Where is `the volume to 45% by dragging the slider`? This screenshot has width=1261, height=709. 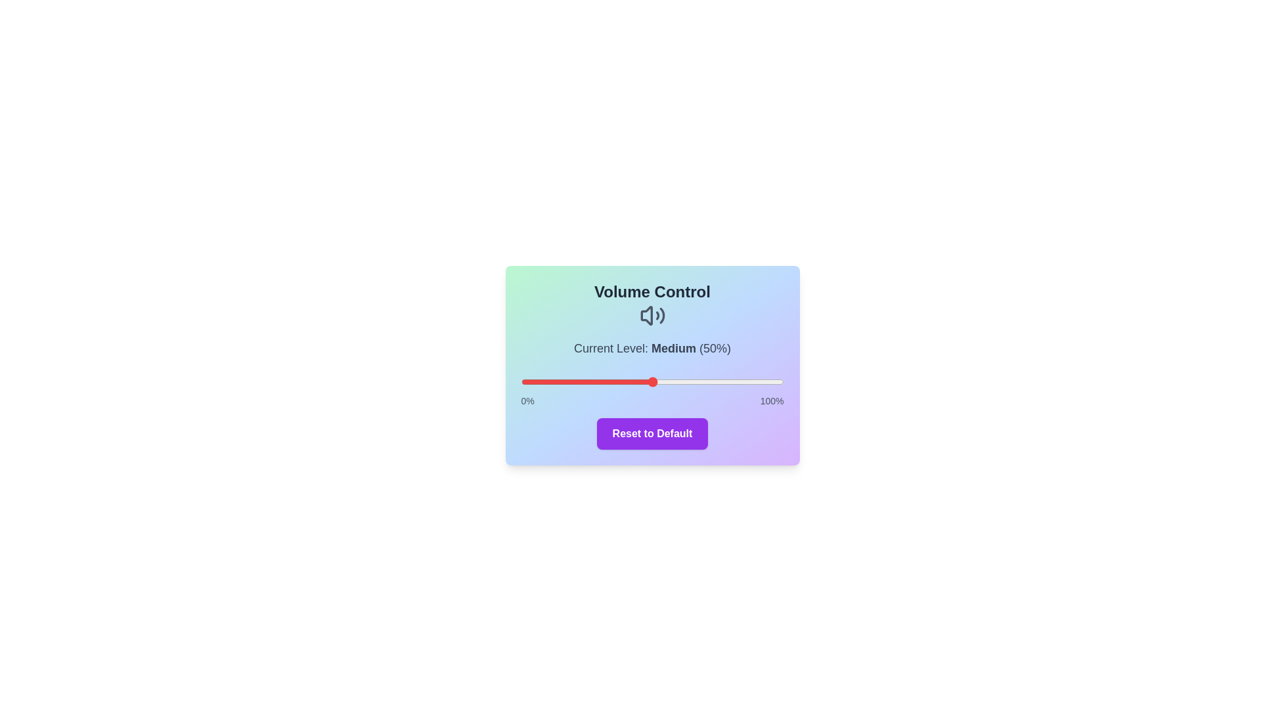 the volume to 45% by dragging the slider is located at coordinates (639, 382).